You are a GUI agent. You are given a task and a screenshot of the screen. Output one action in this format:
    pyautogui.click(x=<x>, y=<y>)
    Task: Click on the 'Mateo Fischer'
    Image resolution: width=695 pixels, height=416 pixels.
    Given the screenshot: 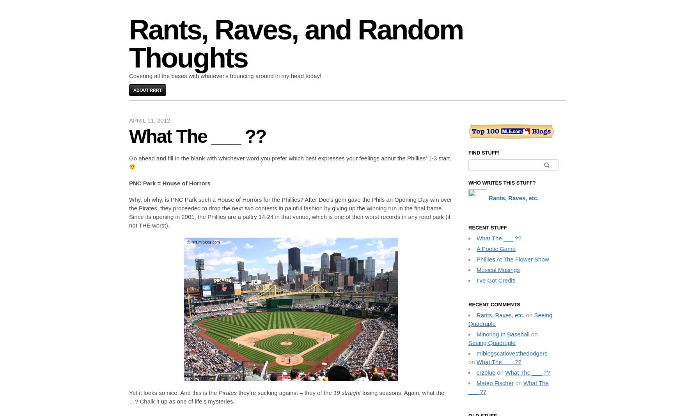 What is the action you would take?
    pyautogui.click(x=495, y=382)
    